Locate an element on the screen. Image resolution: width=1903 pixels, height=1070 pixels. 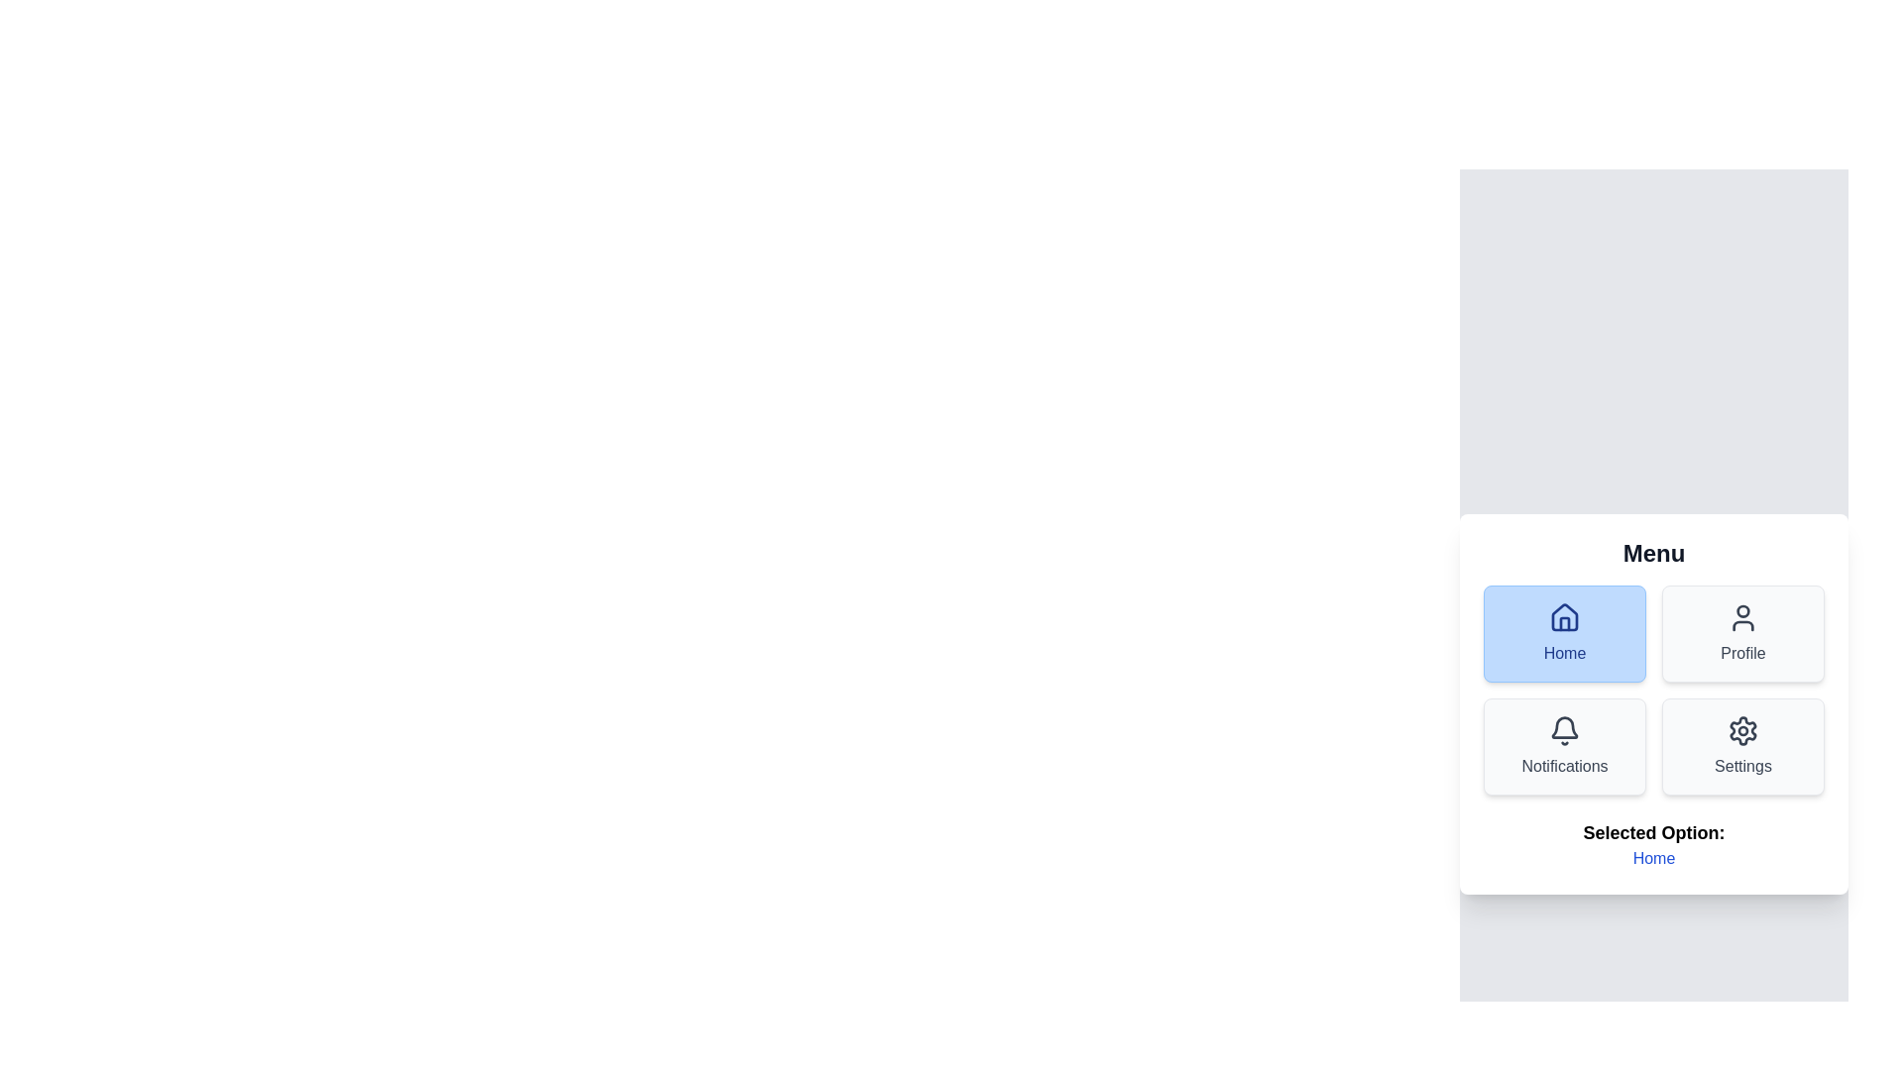
the Home menu option is located at coordinates (1564, 634).